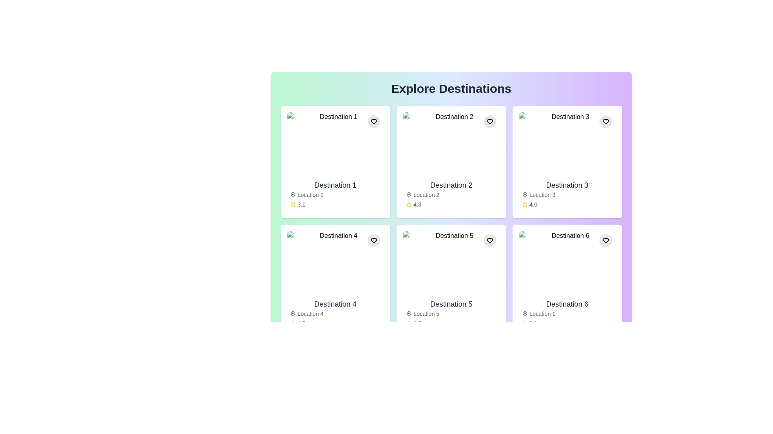 The image size is (773, 434). Describe the element at coordinates (490, 240) in the screenshot. I see `the heart-shaped icon located in the top-right corner of the 'Destination 5' box in the 'Explore Destinations' section` at that location.